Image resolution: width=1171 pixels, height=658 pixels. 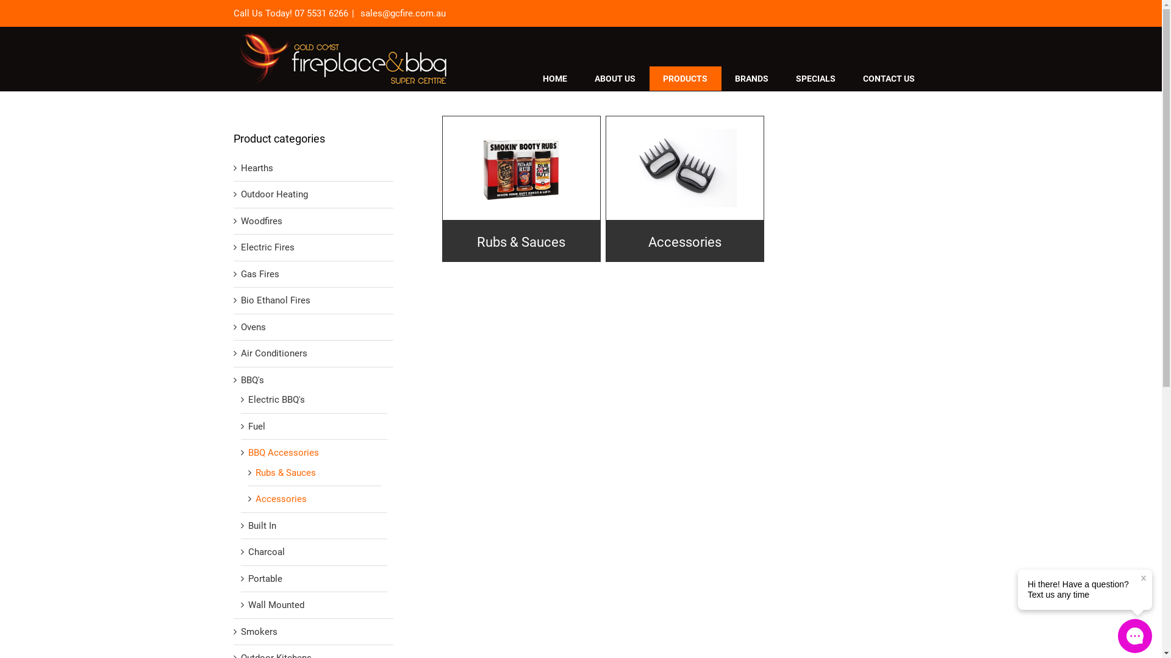 What do you see at coordinates (275, 400) in the screenshot?
I see `'Electric BBQ's'` at bounding box center [275, 400].